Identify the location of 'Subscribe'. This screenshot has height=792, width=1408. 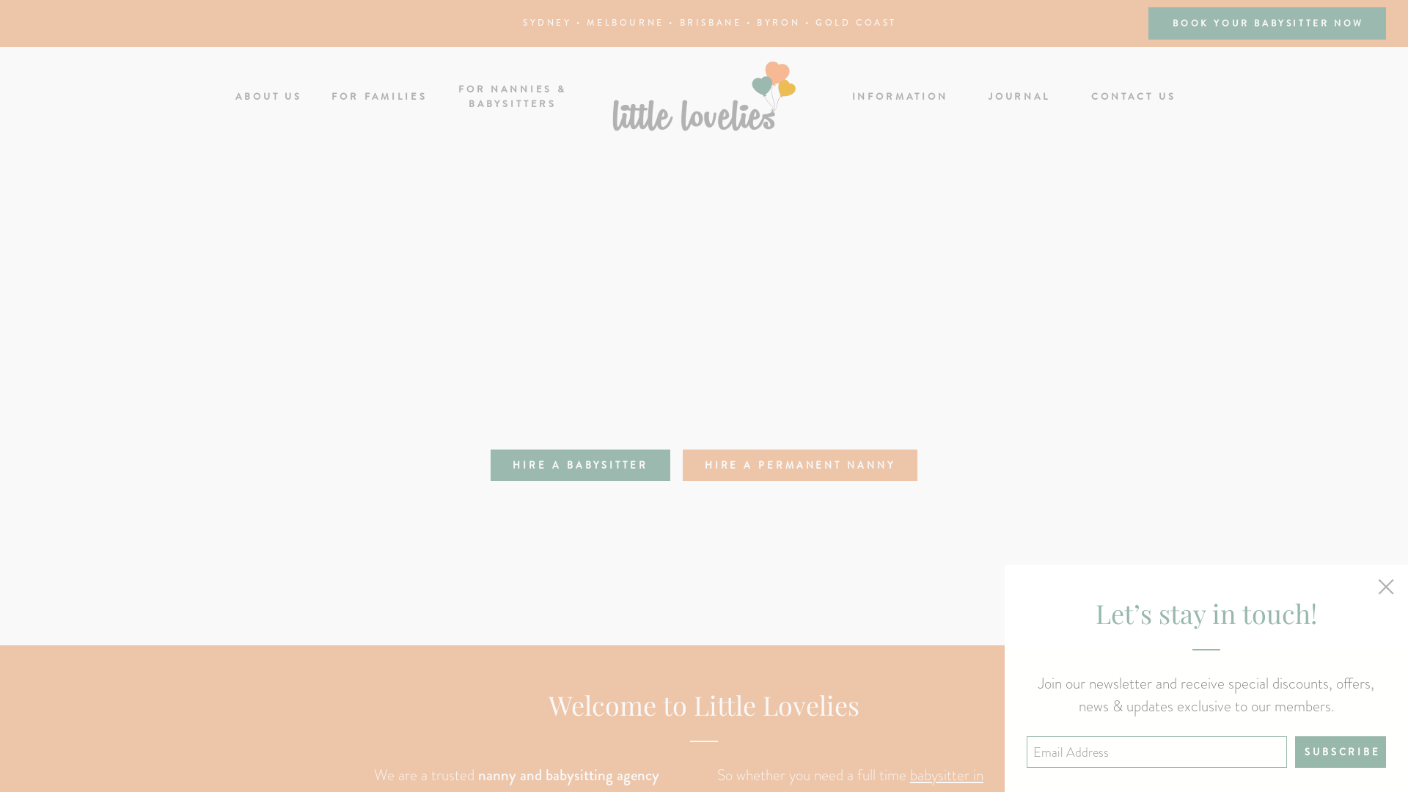
(1342, 752).